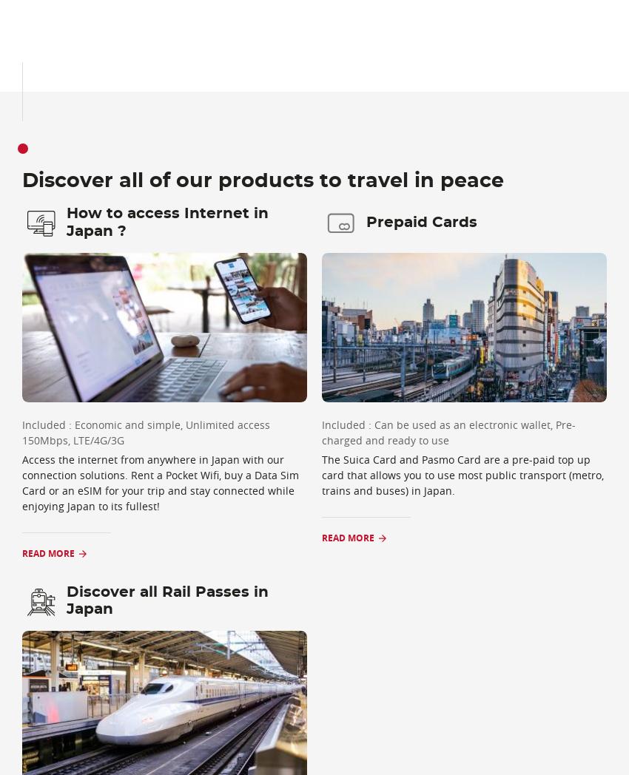  Describe the element at coordinates (262, 180) in the screenshot. I see `'Discover all of our products to travel in peace'` at that location.